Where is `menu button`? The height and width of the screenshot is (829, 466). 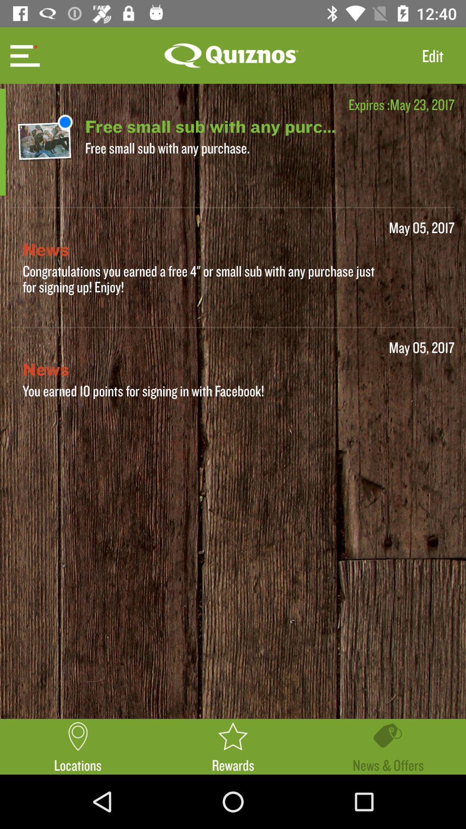 menu button is located at coordinates (23, 55).